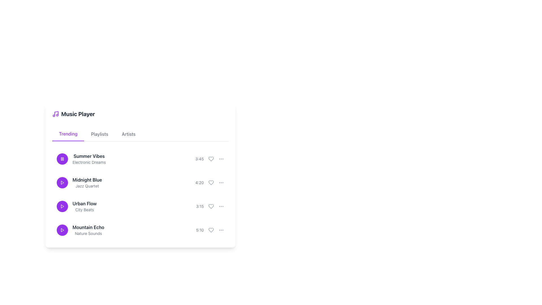 Image resolution: width=542 pixels, height=305 pixels. Describe the element at coordinates (89, 159) in the screenshot. I see `the text display element that shows the title 'Summer Vibes' and subtitle 'Electronic Dreams' in the first playlist entry of the 'Trending' playlist tab` at that location.